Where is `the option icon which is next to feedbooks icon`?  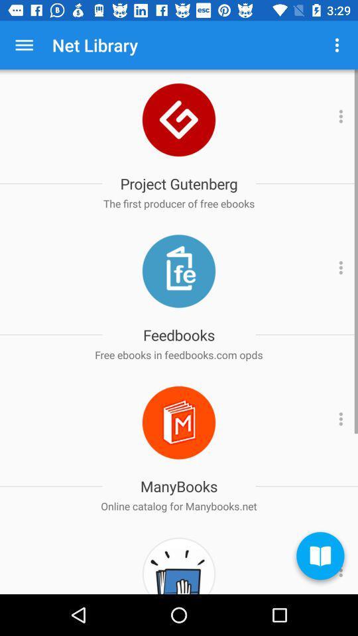
the option icon which is next to feedbooks icon is located at coordinates (339, 270).